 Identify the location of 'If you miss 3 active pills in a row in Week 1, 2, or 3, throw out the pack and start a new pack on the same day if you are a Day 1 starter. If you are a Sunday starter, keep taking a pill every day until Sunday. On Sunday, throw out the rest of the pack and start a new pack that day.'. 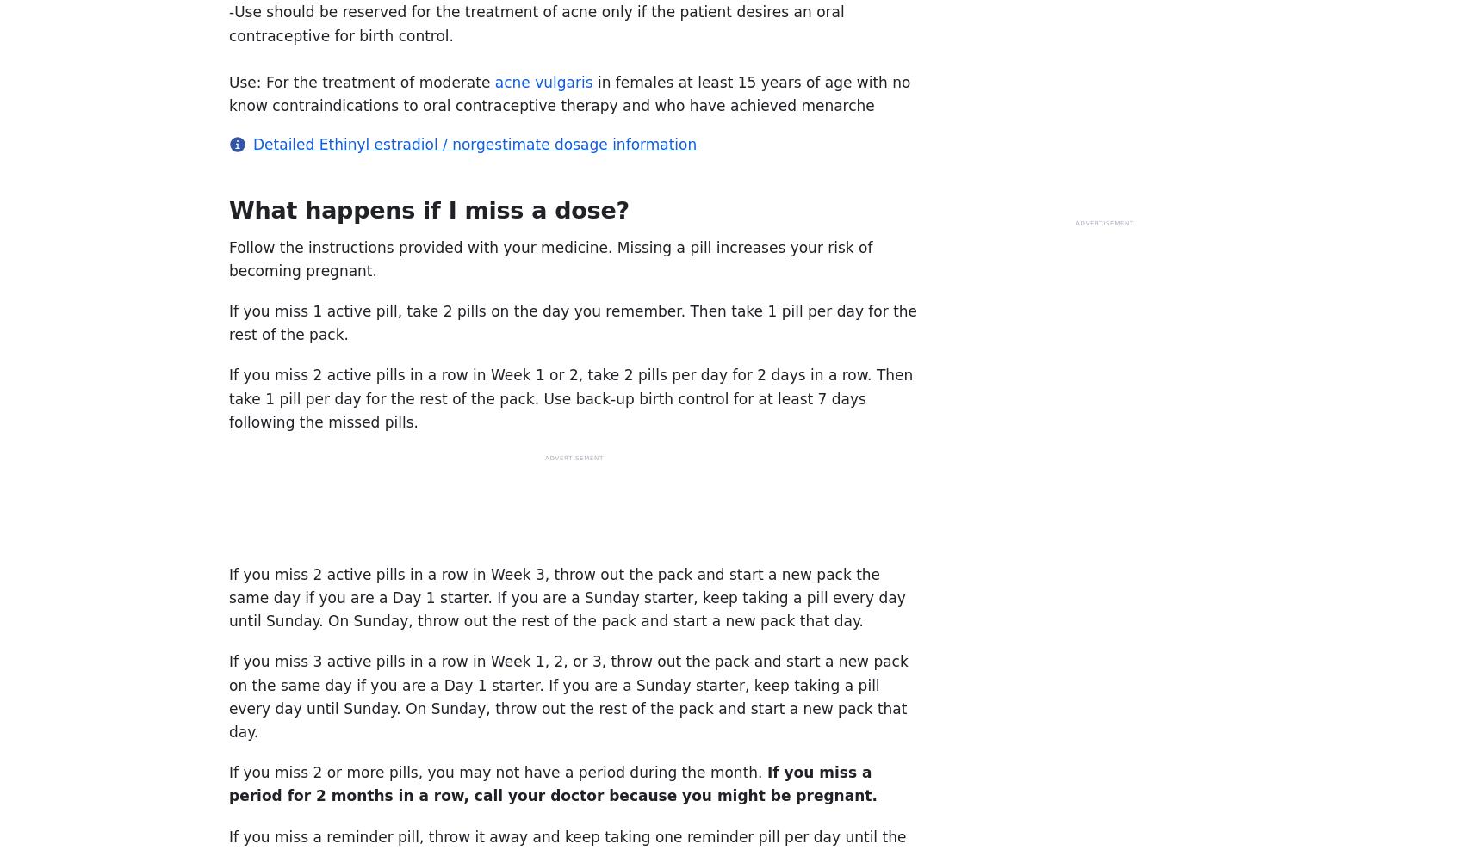
(229, 696).